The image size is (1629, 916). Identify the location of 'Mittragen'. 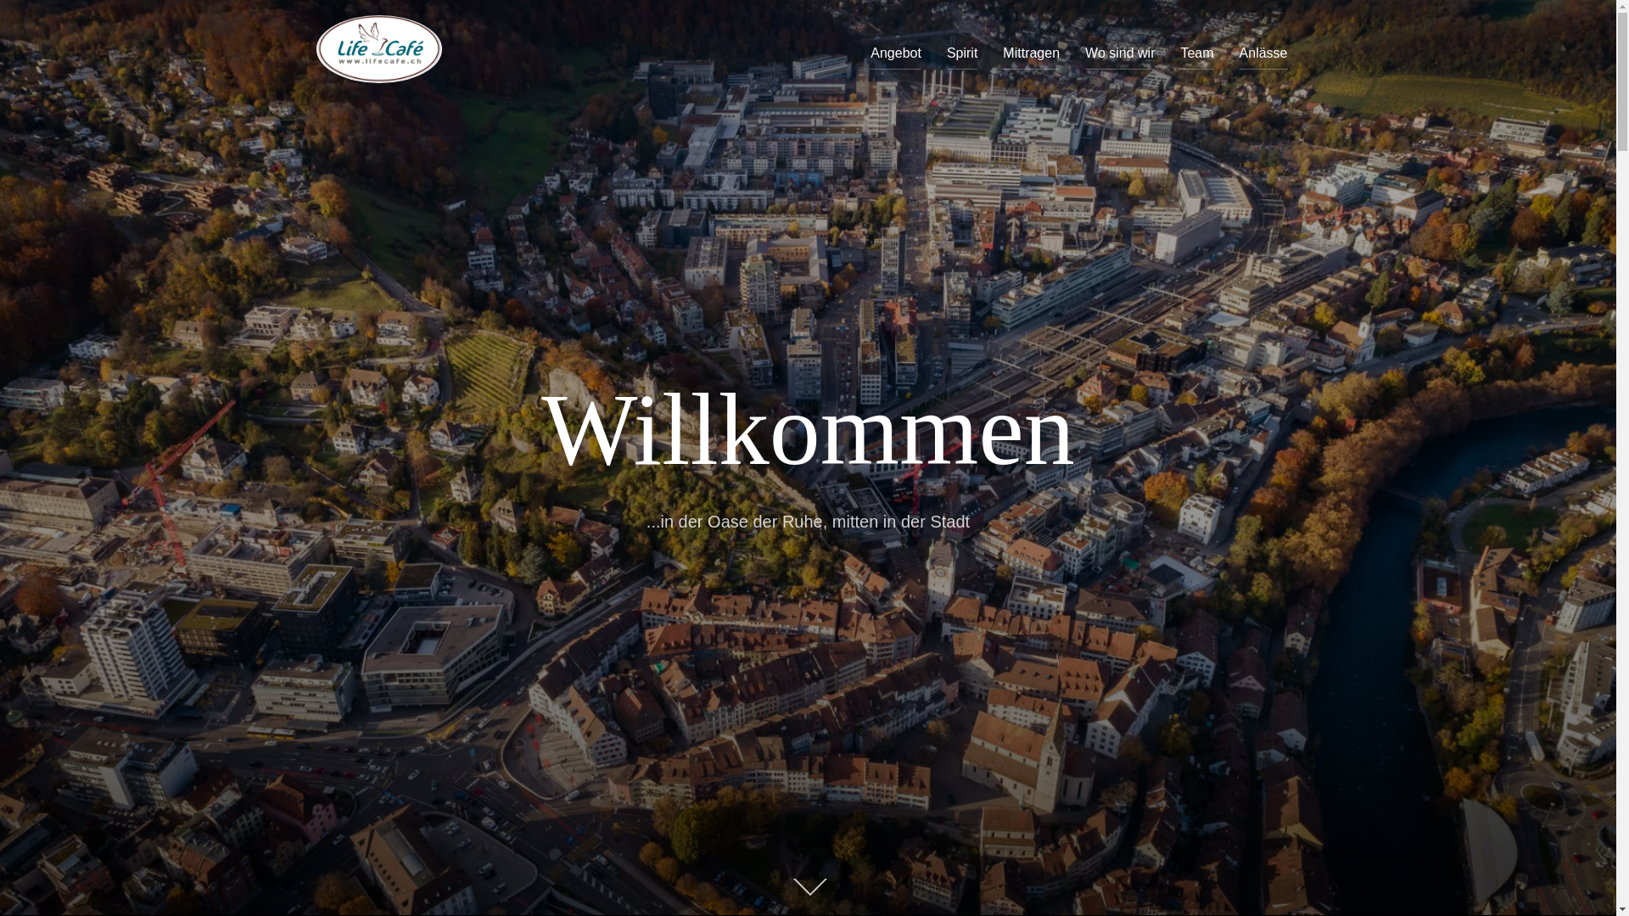
(1030, 52).